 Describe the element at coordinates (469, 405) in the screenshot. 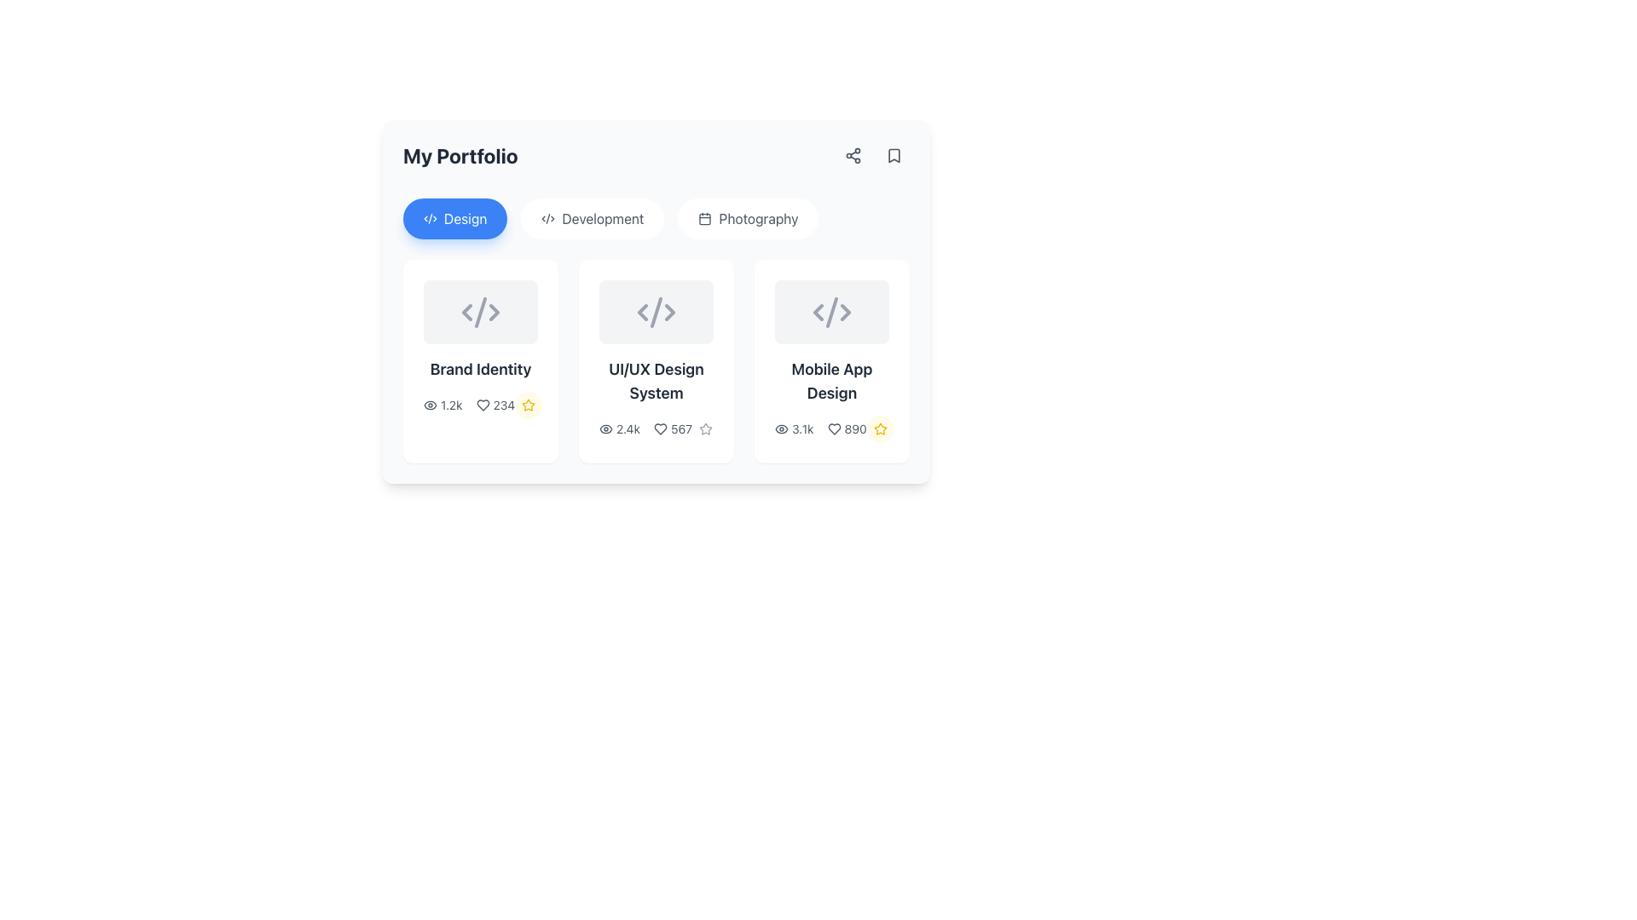

I see `the statistical information element displaying views and likes for the 'Brand Identity' card in the 'My Portfolio' section under the 'Design' tab` at that location.